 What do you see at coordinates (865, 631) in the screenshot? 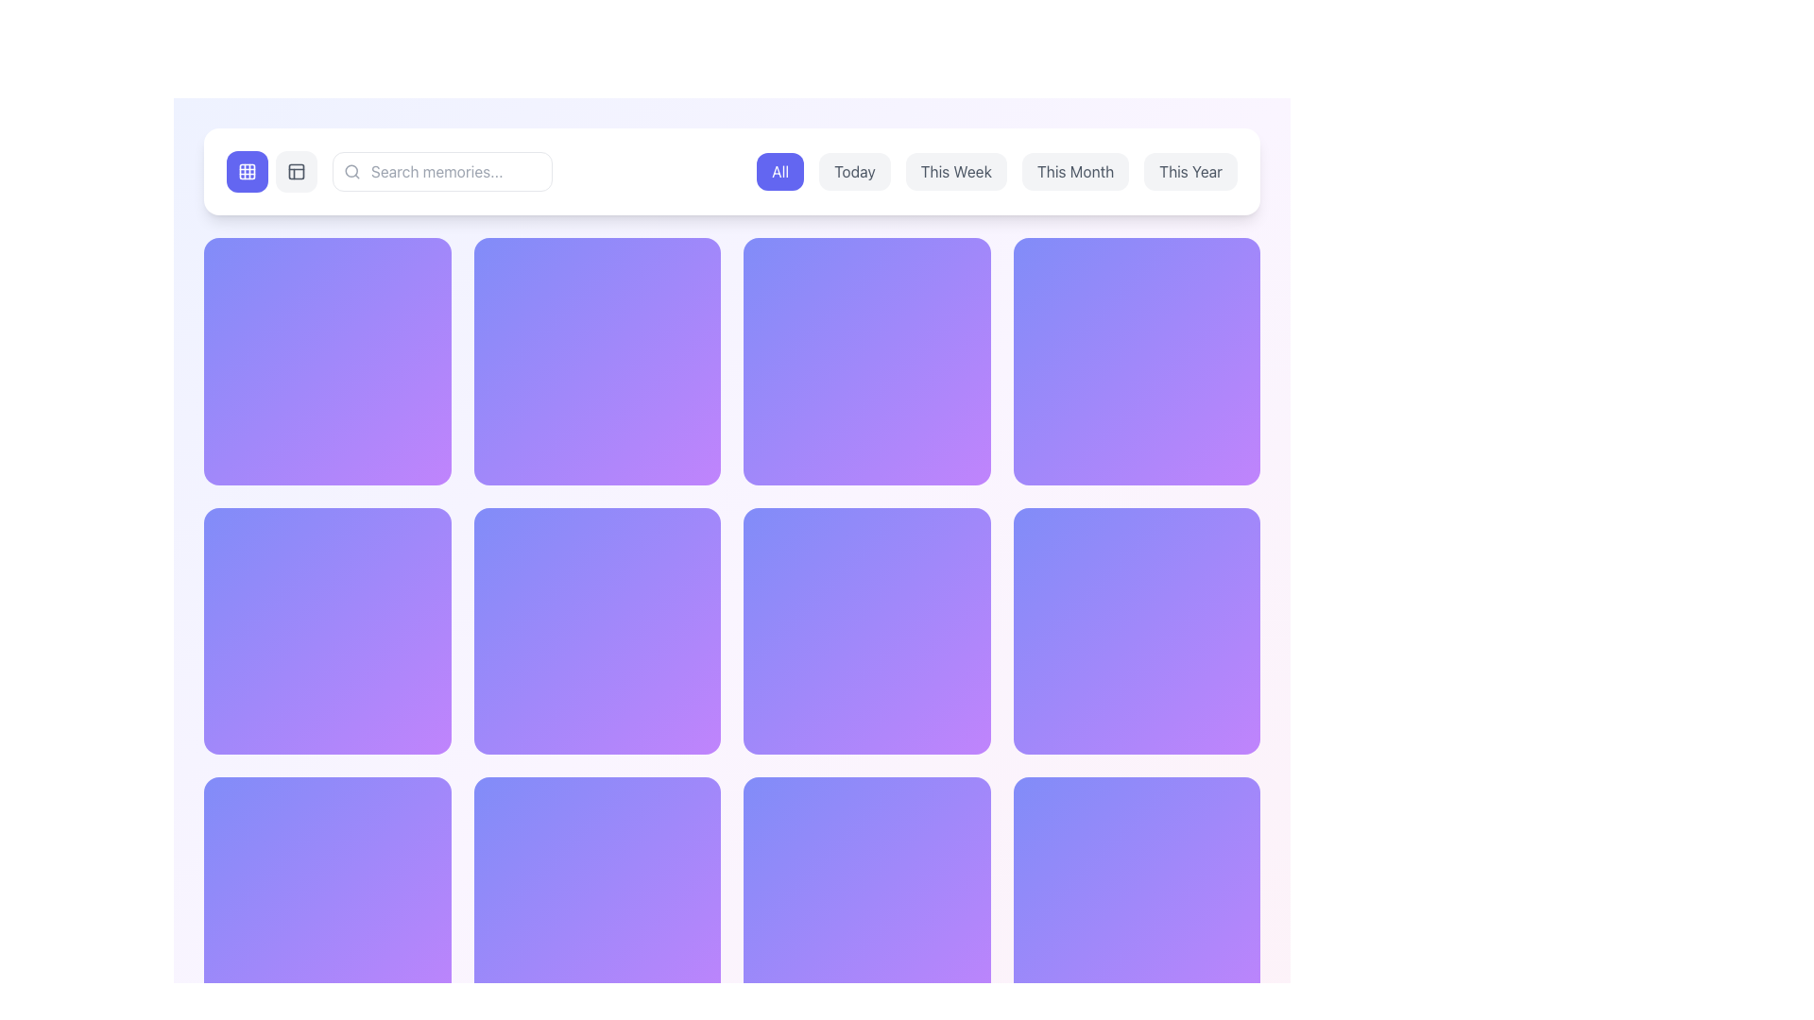
I see `the square card with a gradient background transitioning from indigo to purple, located in the second row and third column of the grid layout` at bounding box center [865, 631].